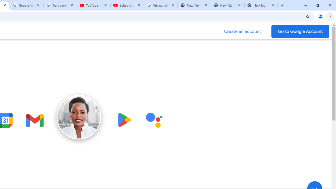  What do you see at coordinates (242, 31) in the screenshot?
I see `'Create a Google Account'` at bounding box center [242, 31].